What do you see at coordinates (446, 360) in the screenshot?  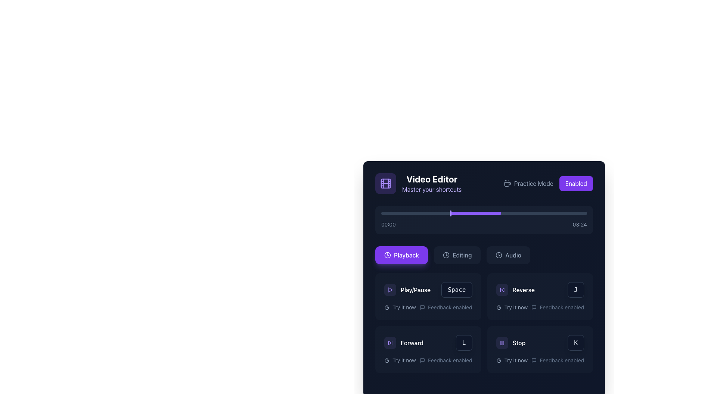 I see `the informational text label with accompanying icon located below the 'Forward' button in the 'Video Editor' UI, to the right of the 'Try it now' text` at bounding box center [446, 360].